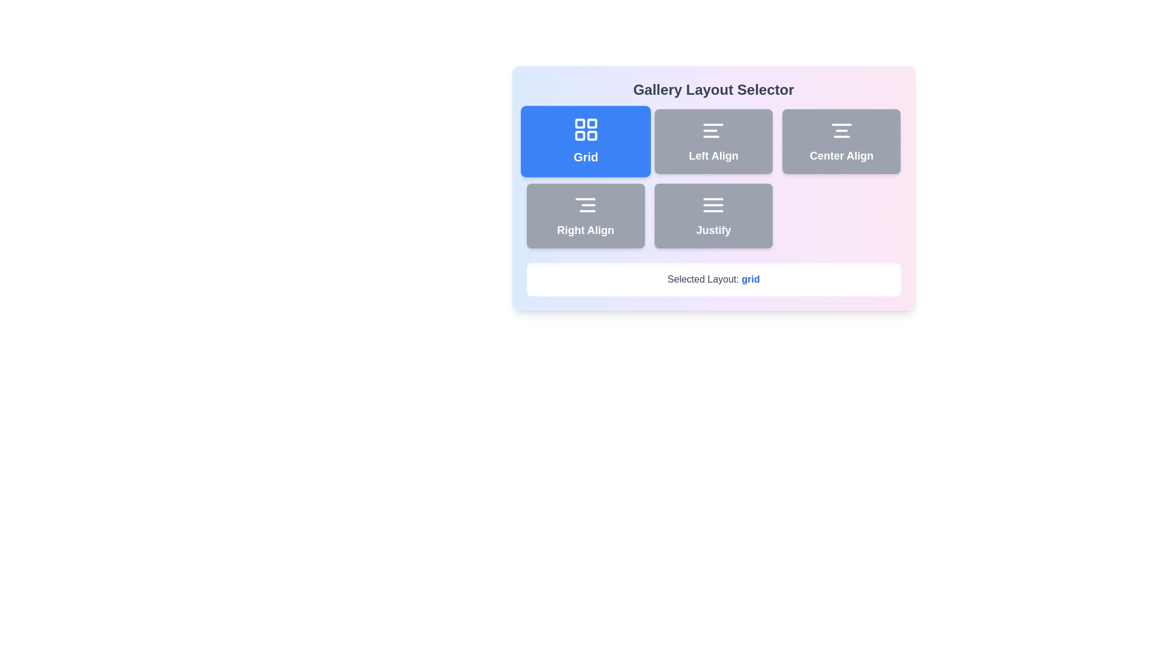 Image resolution: width=1152 pixels, height=648 pixels. Describe the element at coordinates (580, 135) in the screenshot. I see `the bottom-left square icon in the 2x2 grid layout within the 'Grid' component located in the top-left quadrant of the layout selector` at that location.